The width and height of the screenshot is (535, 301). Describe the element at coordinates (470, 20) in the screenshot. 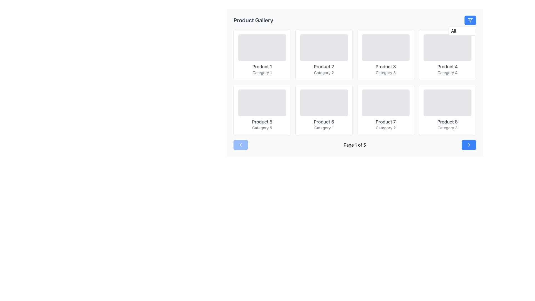

I see `the filter icon located within the blue button labeled 'All' at the upper-right corner of the page` at that location.